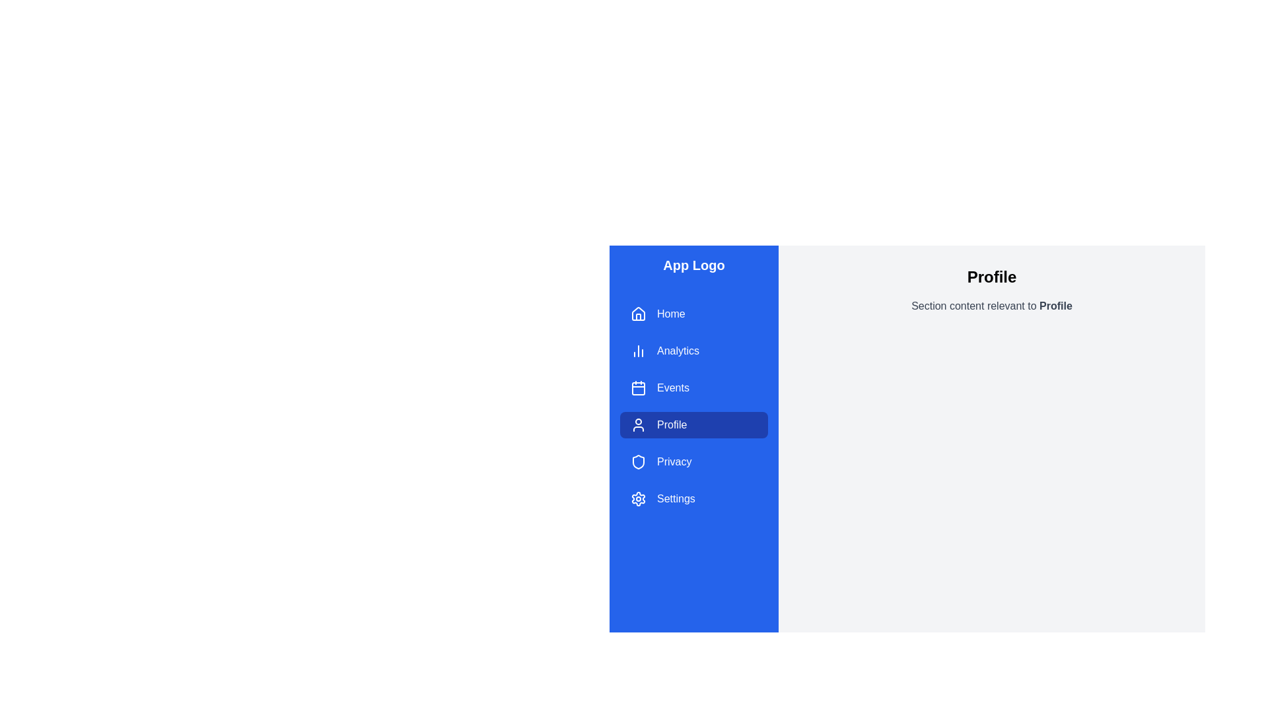  Describe the element at coordinates (638, 313) in the screenshot. I see `the house icon in the left navigation bar` at that location.